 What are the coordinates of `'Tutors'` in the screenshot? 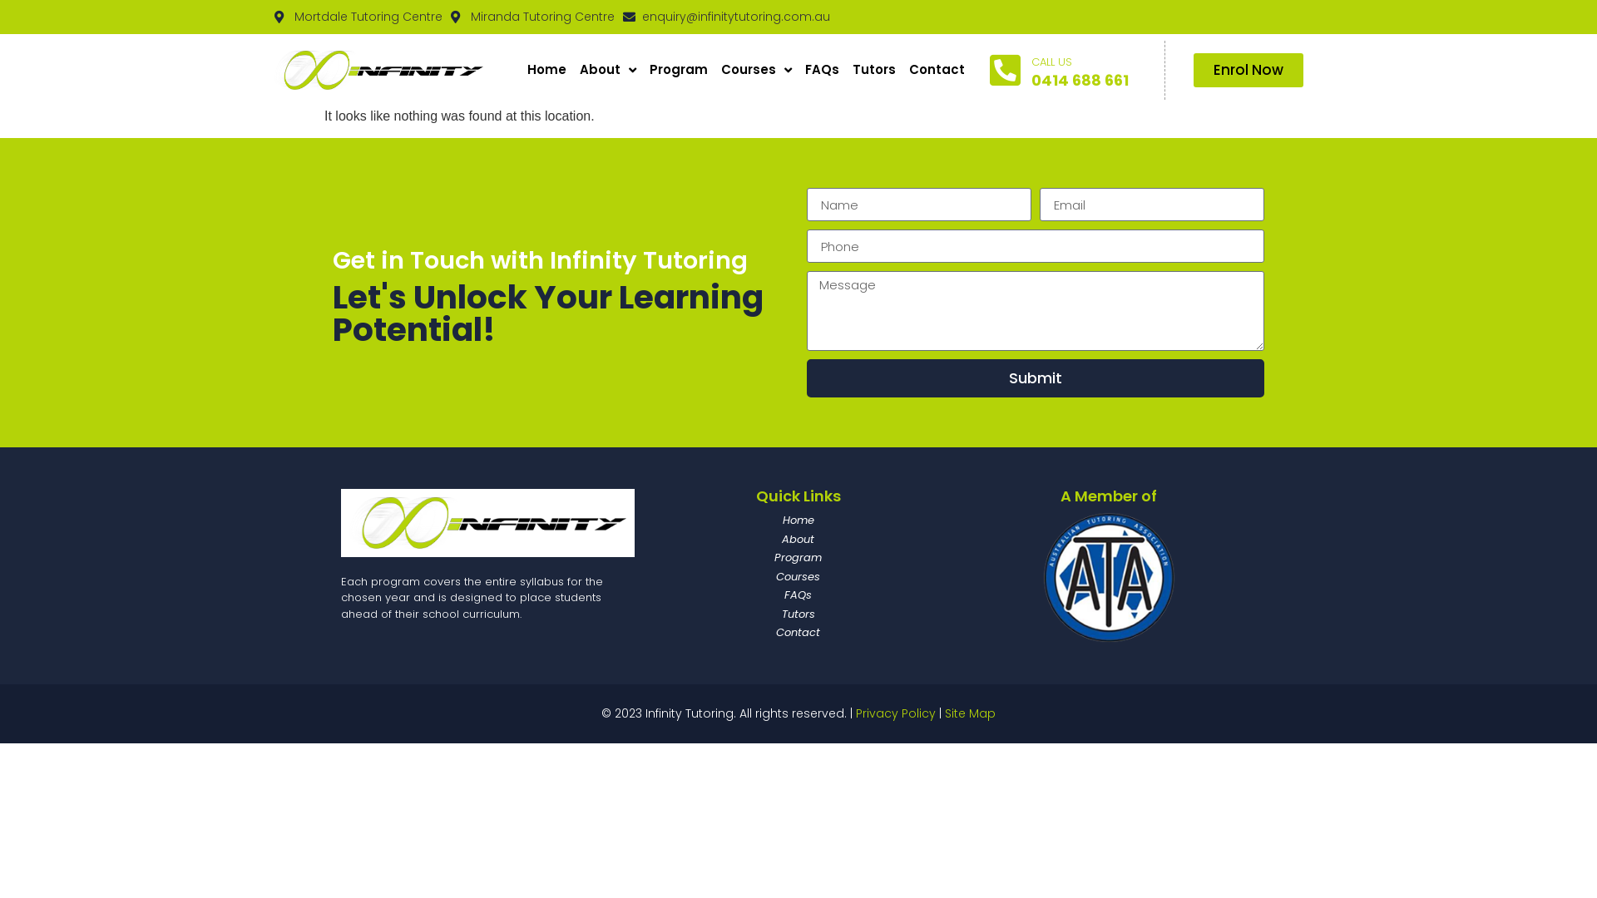 It's located at (873, 69).